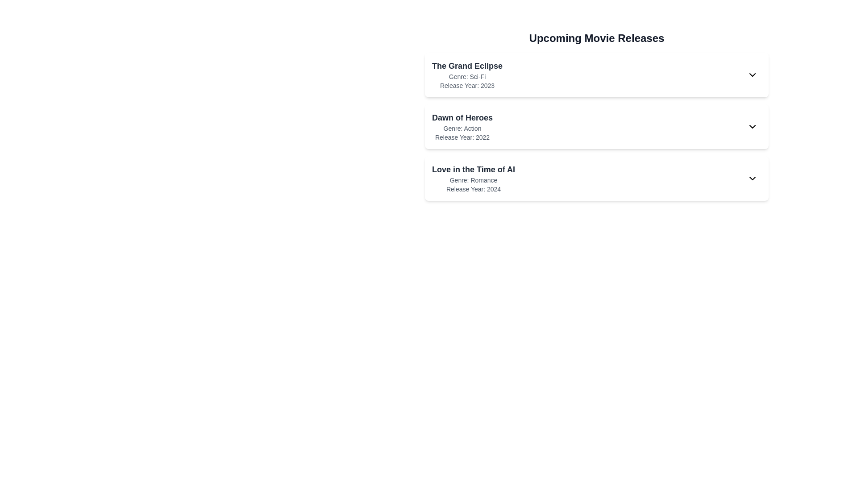 This screenshot has width=857, height=482. I want to click on expand/collapse button for the movie identified by its title Dawn of Heroes, so click(752, 127).